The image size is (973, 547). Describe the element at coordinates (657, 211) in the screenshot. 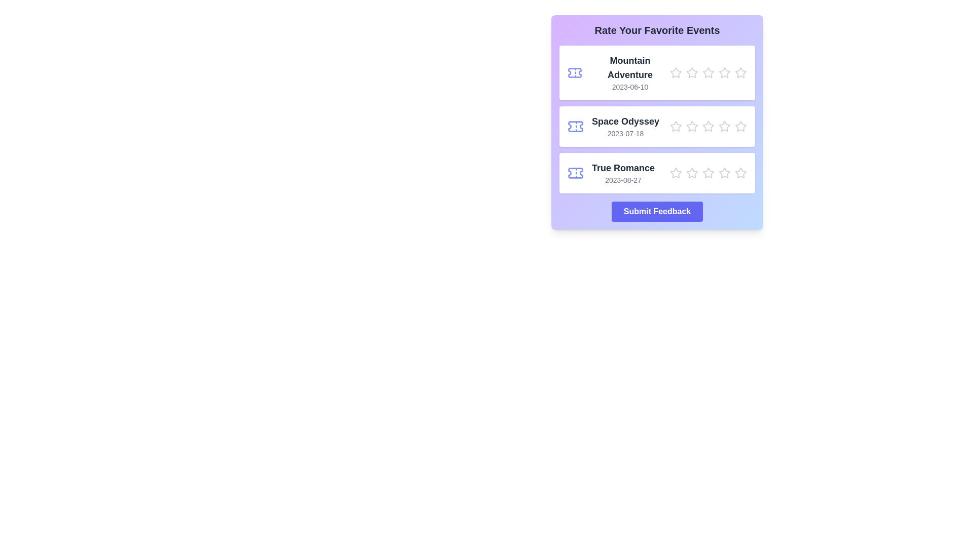

I see `the 'Submit Feedback' button to submit the ratings` at that location.